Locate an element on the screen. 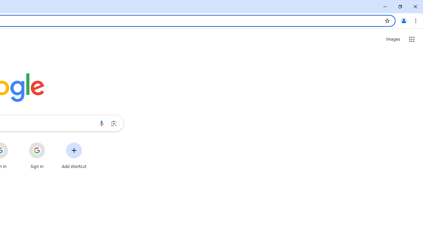  'Search by image' is located at coordinates (114, 123).